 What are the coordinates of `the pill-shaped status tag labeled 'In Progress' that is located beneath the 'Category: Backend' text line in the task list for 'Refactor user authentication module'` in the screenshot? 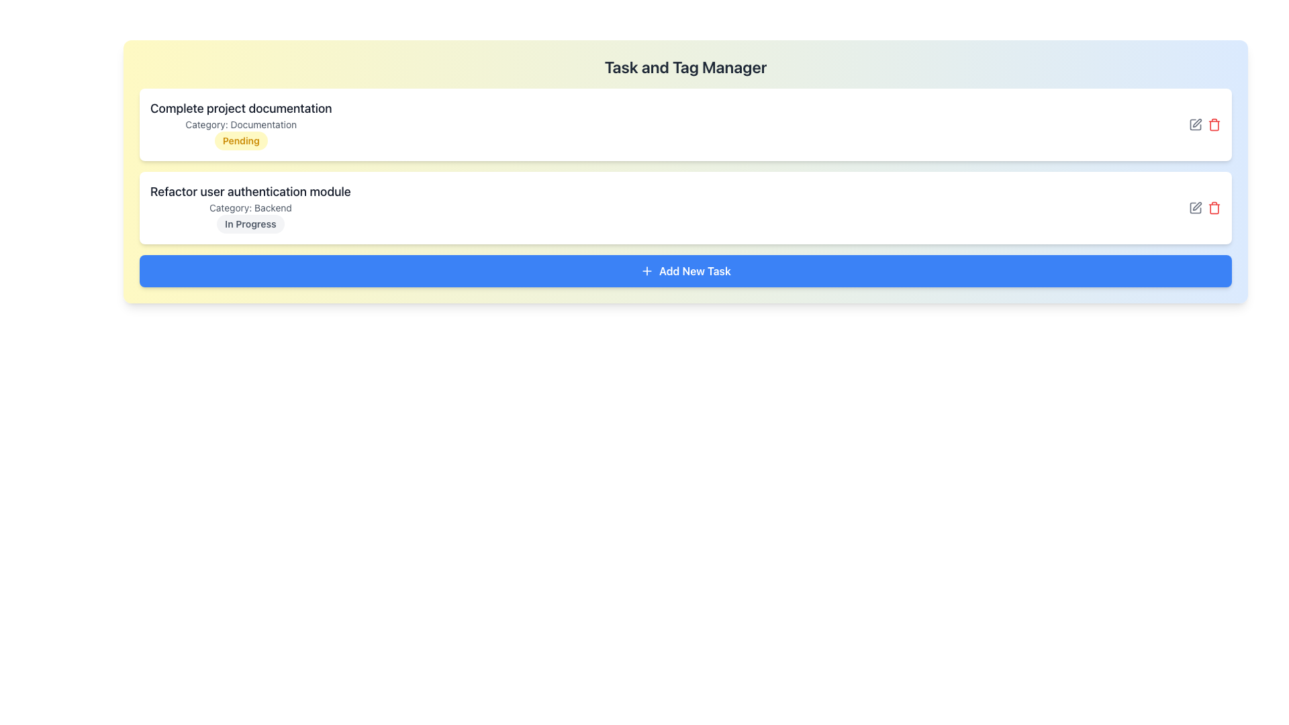 It's located at (250, 224).